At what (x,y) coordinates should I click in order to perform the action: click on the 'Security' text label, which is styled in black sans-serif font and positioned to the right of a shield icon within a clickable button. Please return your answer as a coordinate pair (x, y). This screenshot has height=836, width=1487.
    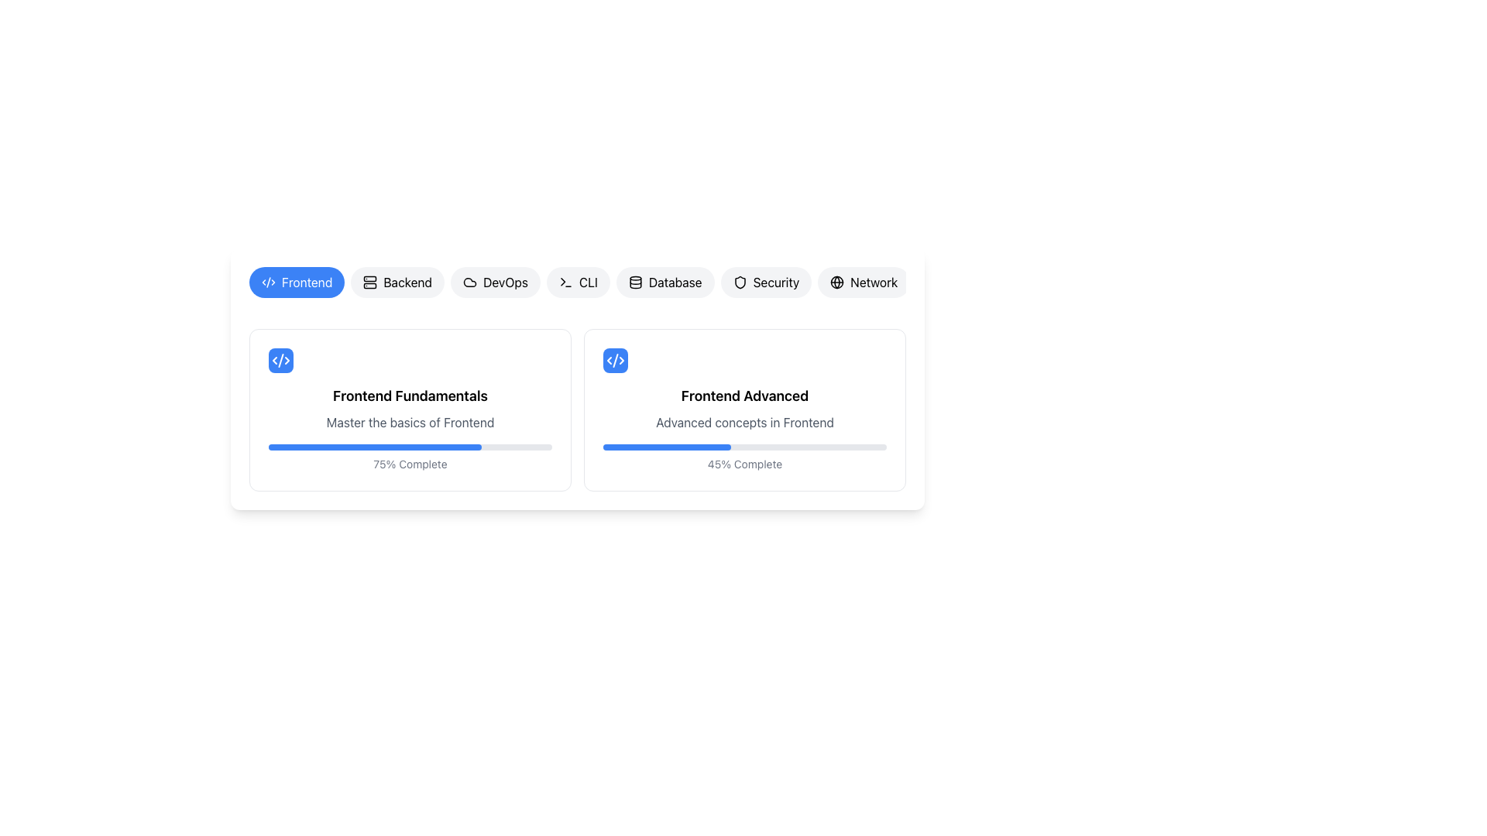
    Looking at the image, I should click on (776, 283).